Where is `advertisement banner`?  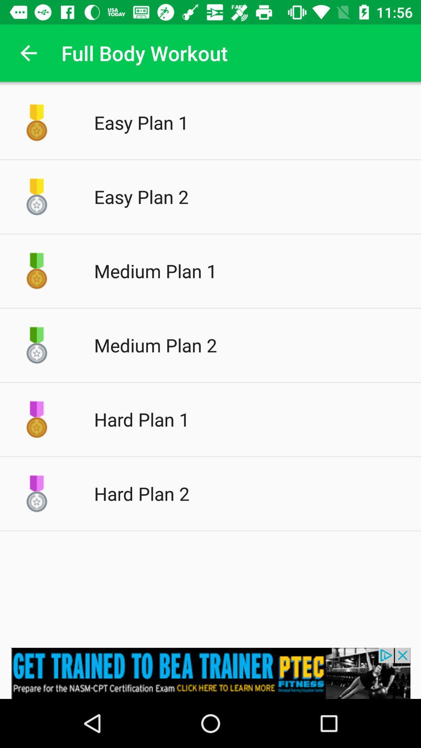 advertisement banner is located at coordinates (210, 673).